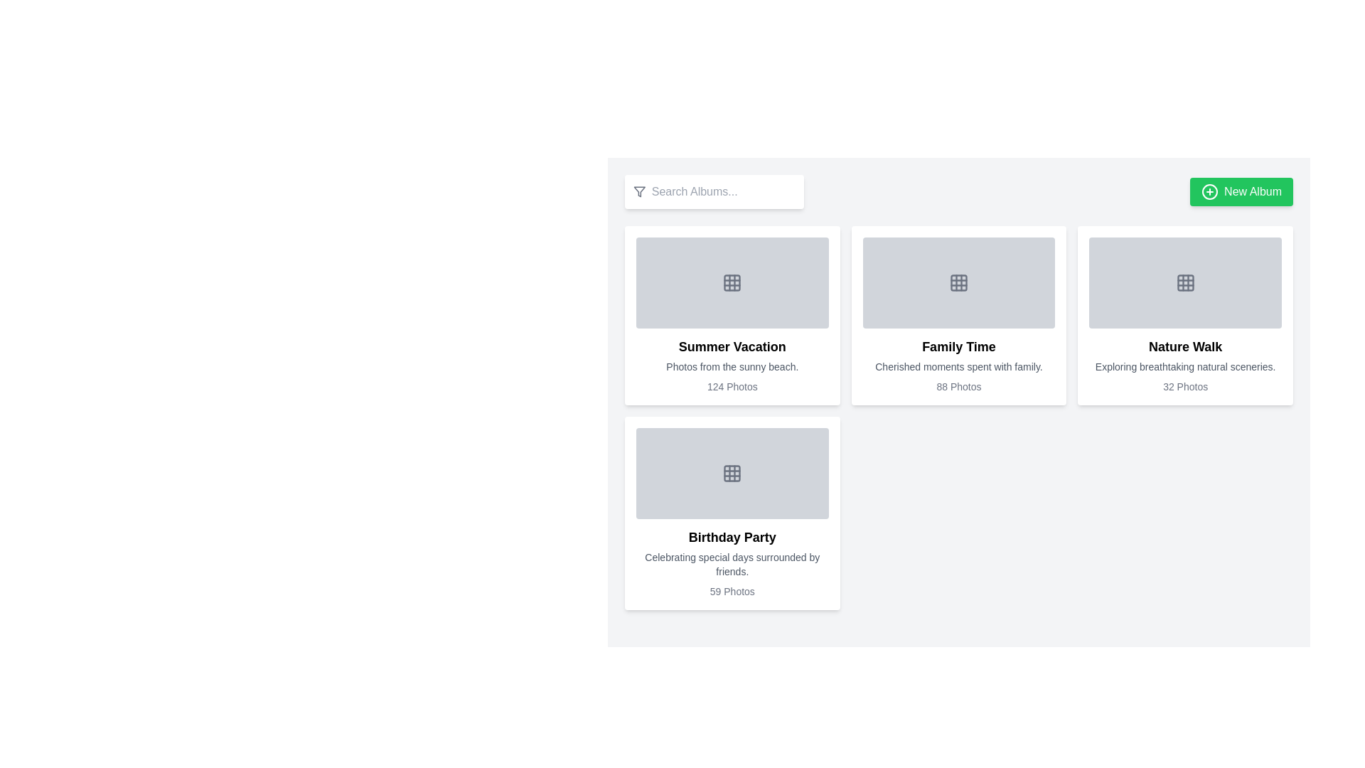  What do you see at coordinates (732, 386) in the screenshot?
I see `the static text label that displays the total number of photos available in the 'Summer Vacation' album, located at the bottom of the album card following the text 'Photos from the sunny beach.'` at bounding box center [732, 386].